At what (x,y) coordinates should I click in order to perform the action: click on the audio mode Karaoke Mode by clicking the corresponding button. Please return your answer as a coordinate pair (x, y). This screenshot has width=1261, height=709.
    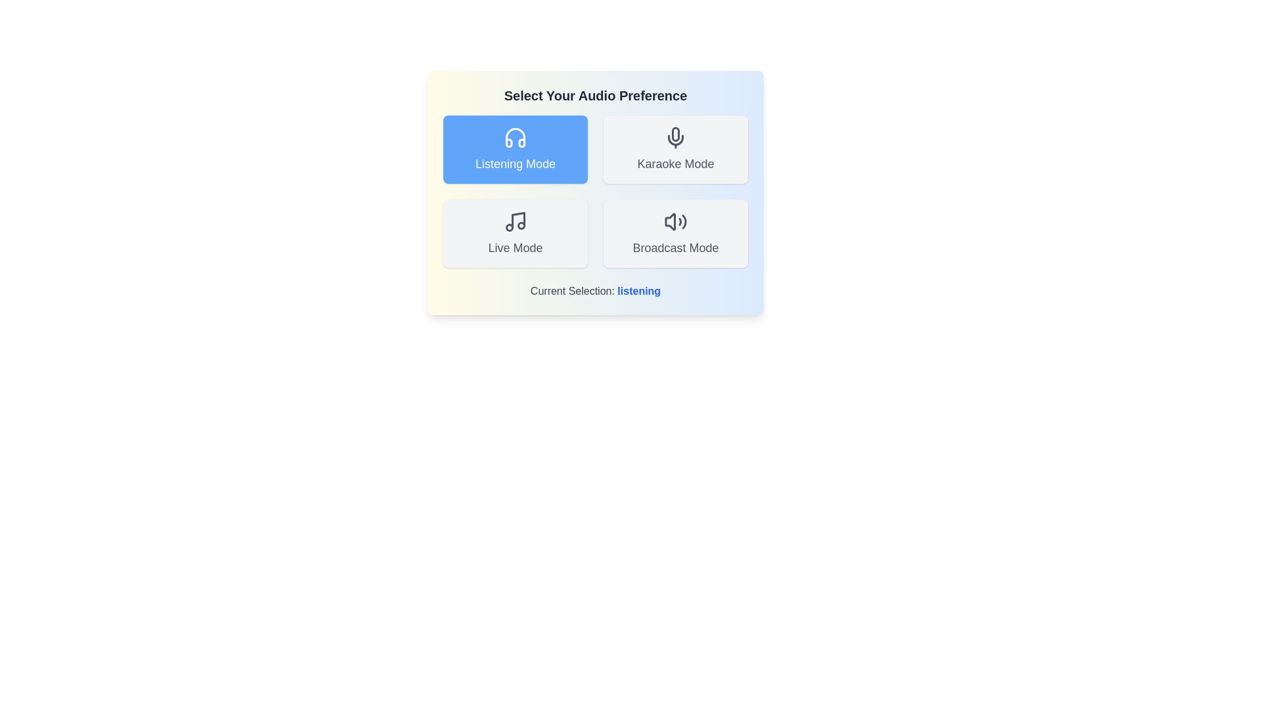
    Looking at the image, I should click on (675, 148).